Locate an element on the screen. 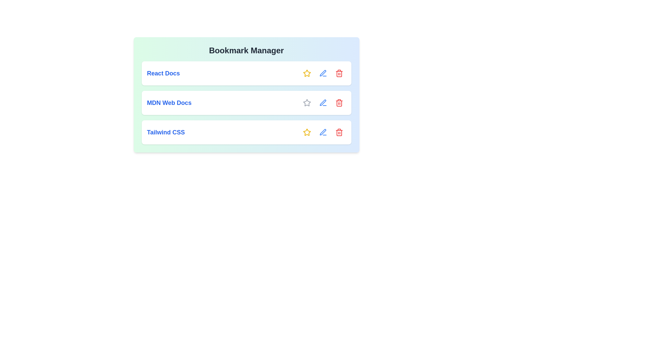  the interactive element React Docs Star to reveal its hover state is located at coordinates (306, 73).